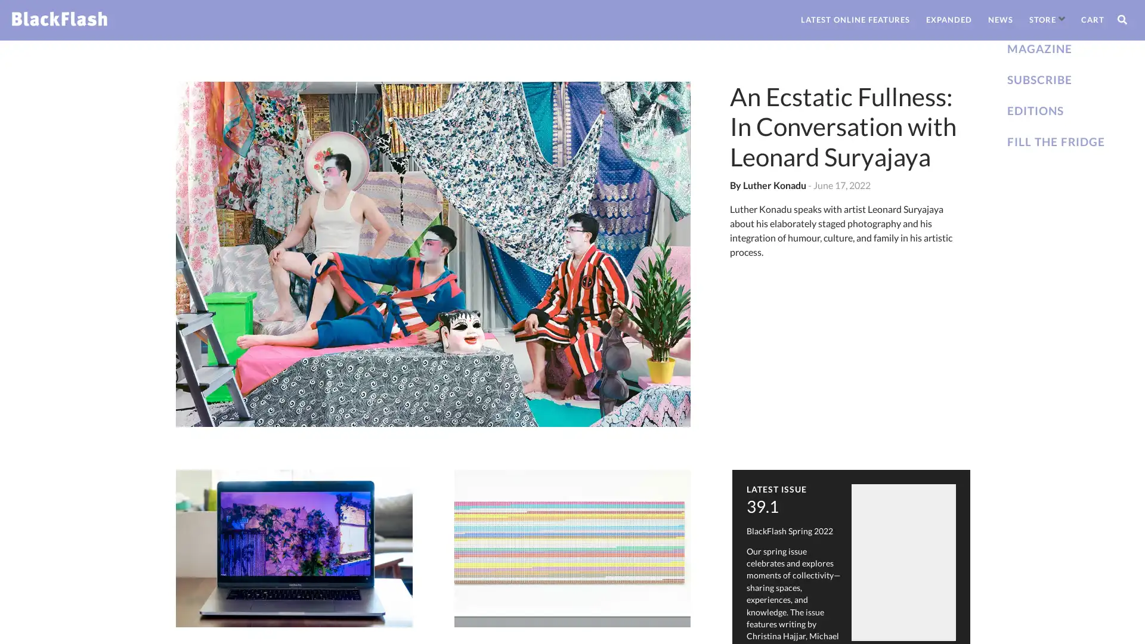 This screenshot has height=644, width=1145. Describe the element at coordinates (1062, 18) in the screenshot. I see `open menu` at that location.